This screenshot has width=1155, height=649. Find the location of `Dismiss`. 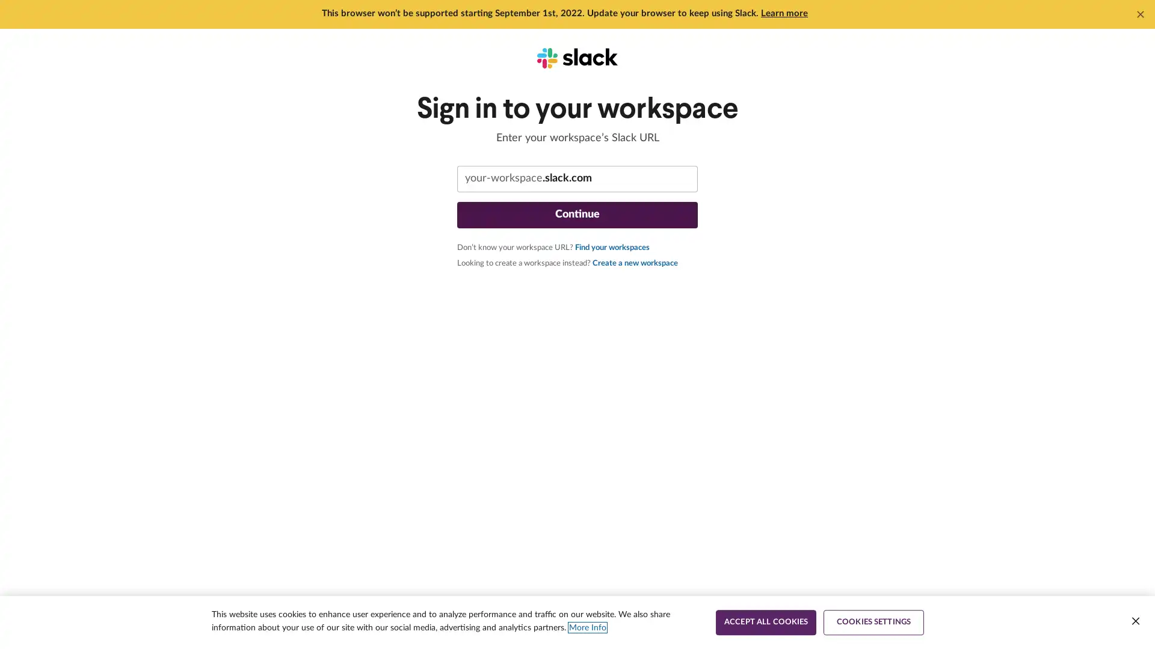

Dismiss is located at coordinates (1140, 14).